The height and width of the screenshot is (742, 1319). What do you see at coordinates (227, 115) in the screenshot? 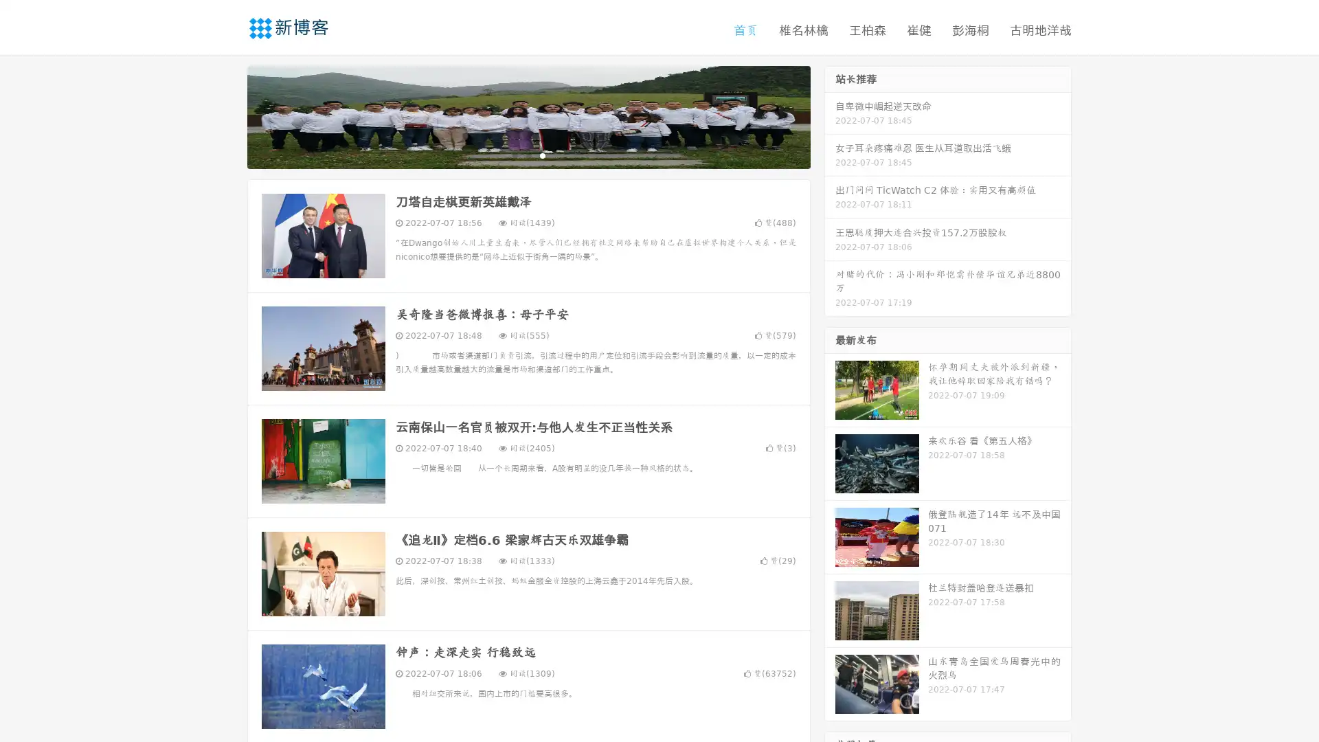
I see `Previous slide` at bounding box center [227, 115].